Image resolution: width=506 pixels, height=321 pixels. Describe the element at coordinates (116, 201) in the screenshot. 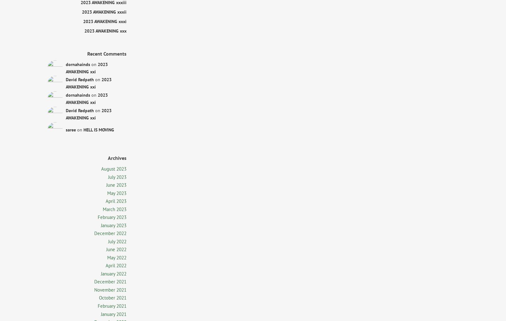

I see `'April 2023'` at that location.